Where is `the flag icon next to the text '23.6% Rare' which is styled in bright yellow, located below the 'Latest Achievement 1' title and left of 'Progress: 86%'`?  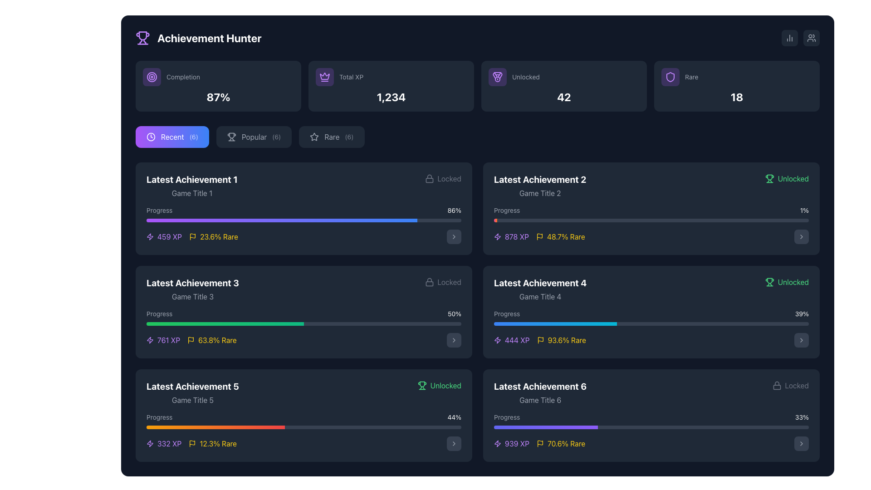
the flag icon next to the text '23.6% Rare' which is styled in bright yellow, located below the 'Latest Achievement 1' title and left of 'Progress: 86%' is located at coordinates (213, 236).